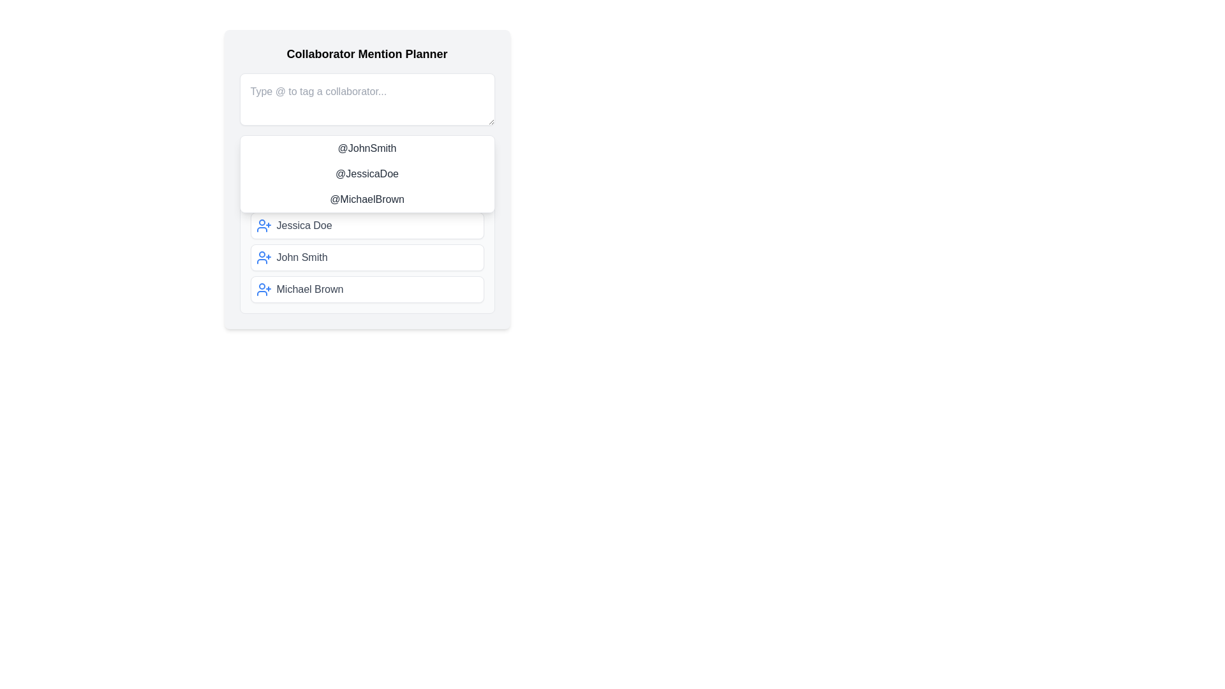 This screenshot has width=1225, height=689. Describe the element at coordinates (366, 179) in the screenshot. I see `the mention suggestion item '@JessicaDoe' in the dropdown menu` at that location.